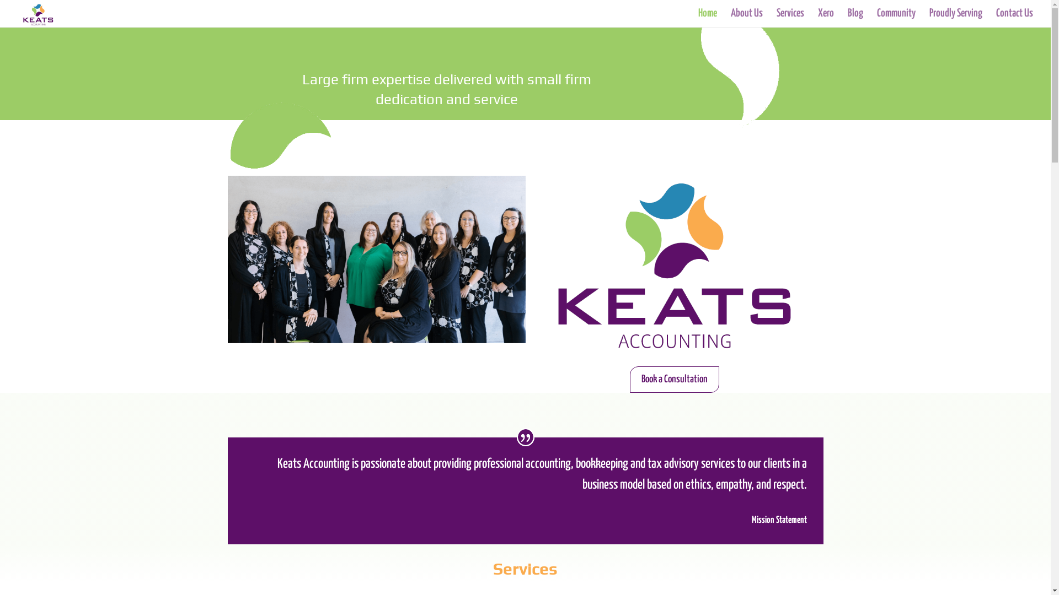  What do you see at coordinates (854, 19) in the screenshot?
I see `'Blog'` at bounding box center [854, 19].